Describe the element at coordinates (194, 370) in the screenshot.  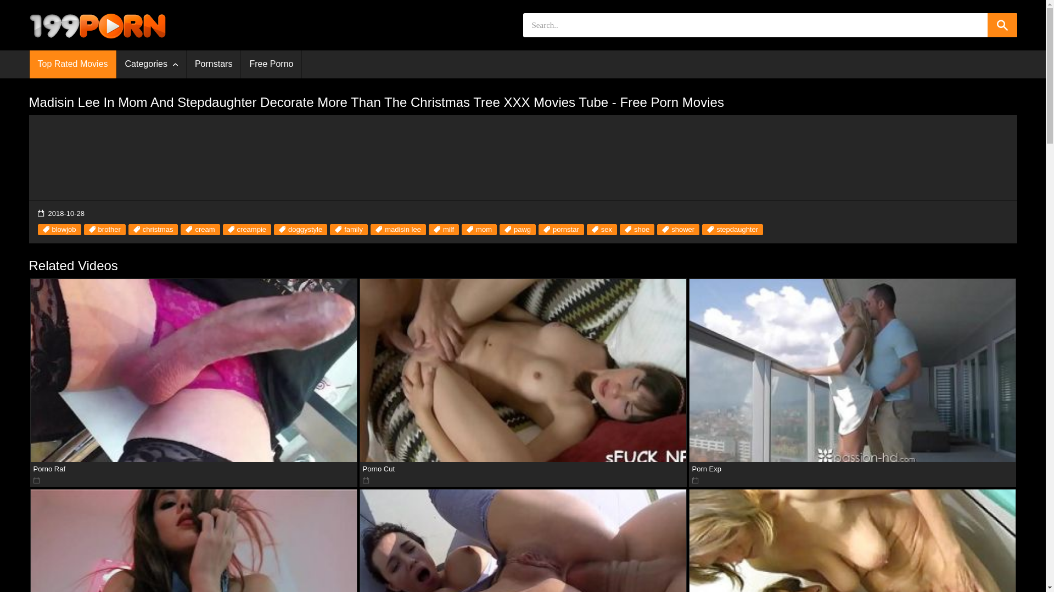
I see `'Porno Raf'` at that location.